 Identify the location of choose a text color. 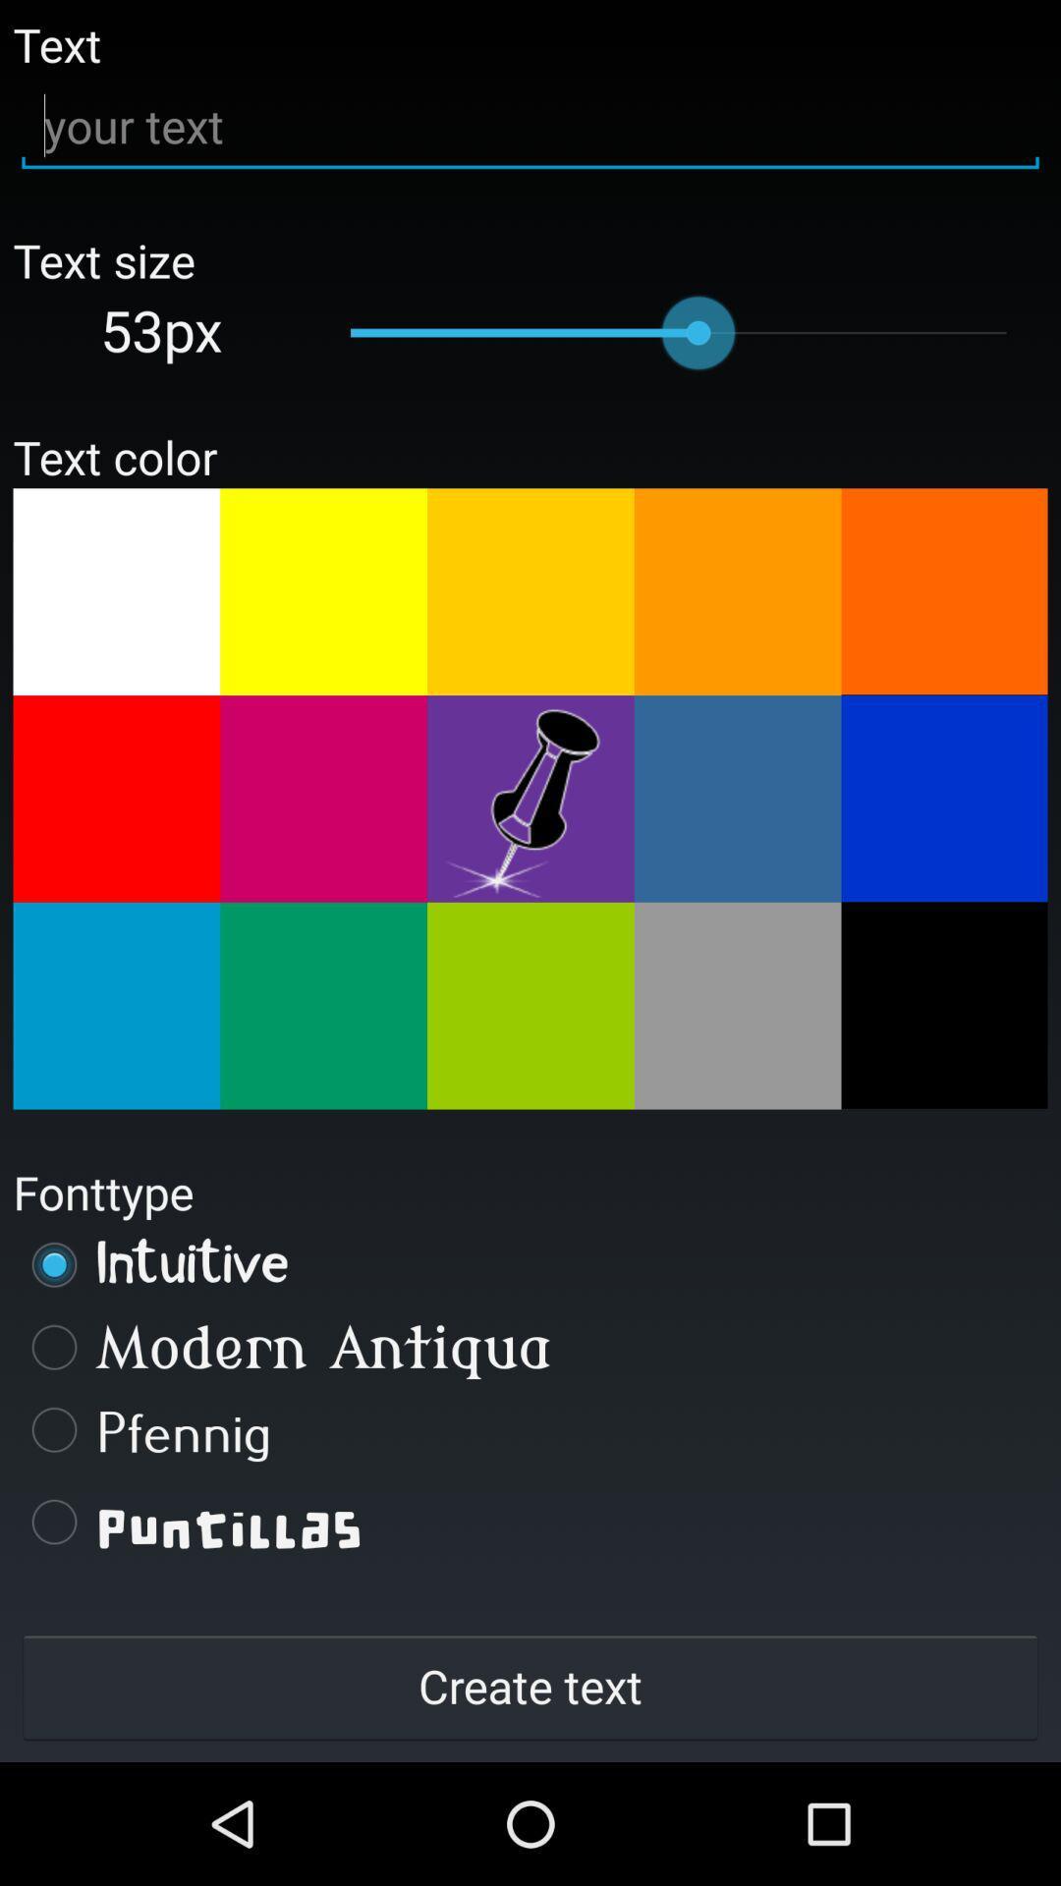
(322, 1006).